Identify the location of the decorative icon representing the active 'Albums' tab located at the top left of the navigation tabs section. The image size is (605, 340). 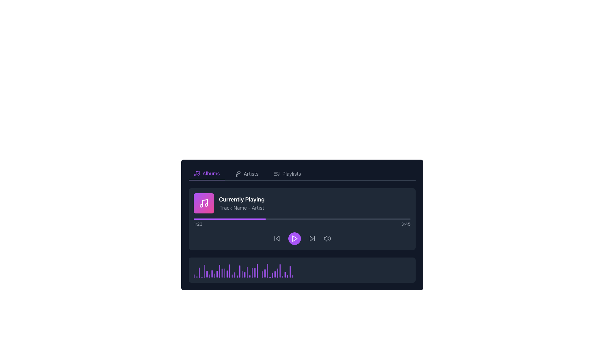
(196, 173).